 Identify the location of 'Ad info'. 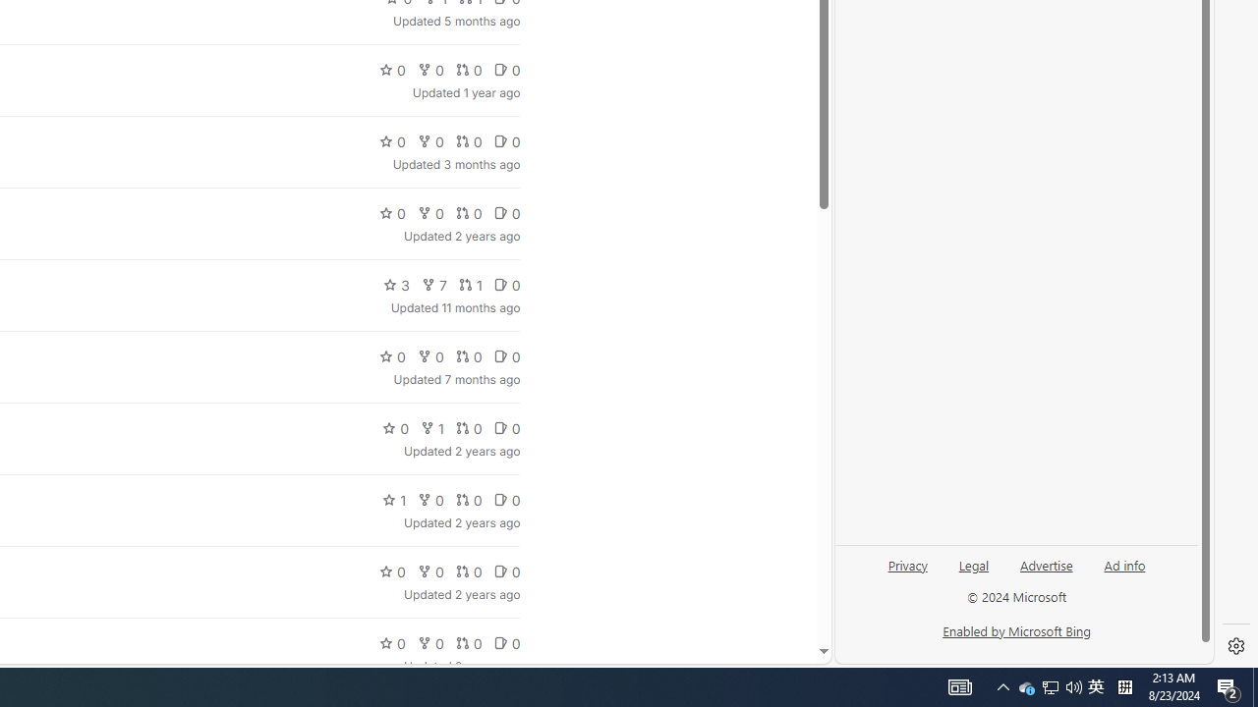
(1124, 572).